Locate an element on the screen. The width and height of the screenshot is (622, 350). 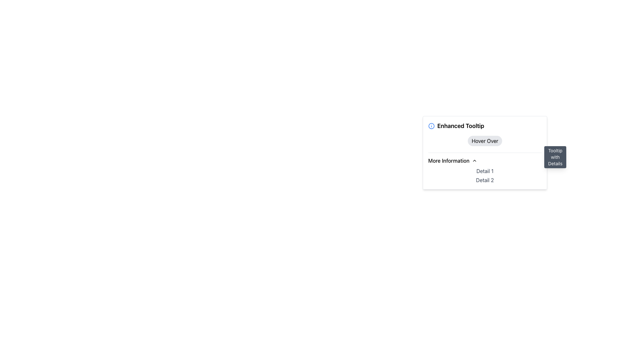
the rounded rectangular button labeled 'Hover Over' with a light gray background located in the 'Enhanced Tooltip' section is located at coordinates (485, 141).